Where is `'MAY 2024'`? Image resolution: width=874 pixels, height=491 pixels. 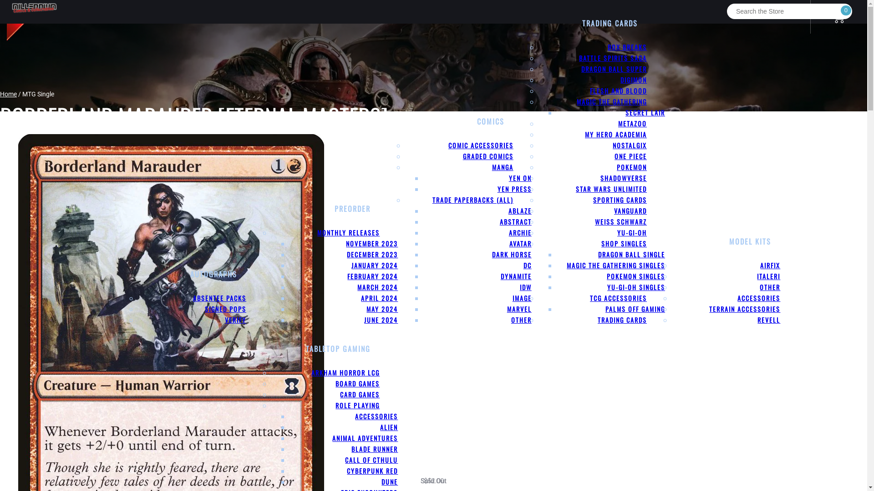 'MAY 2024' is located at coordinates (382, 308).